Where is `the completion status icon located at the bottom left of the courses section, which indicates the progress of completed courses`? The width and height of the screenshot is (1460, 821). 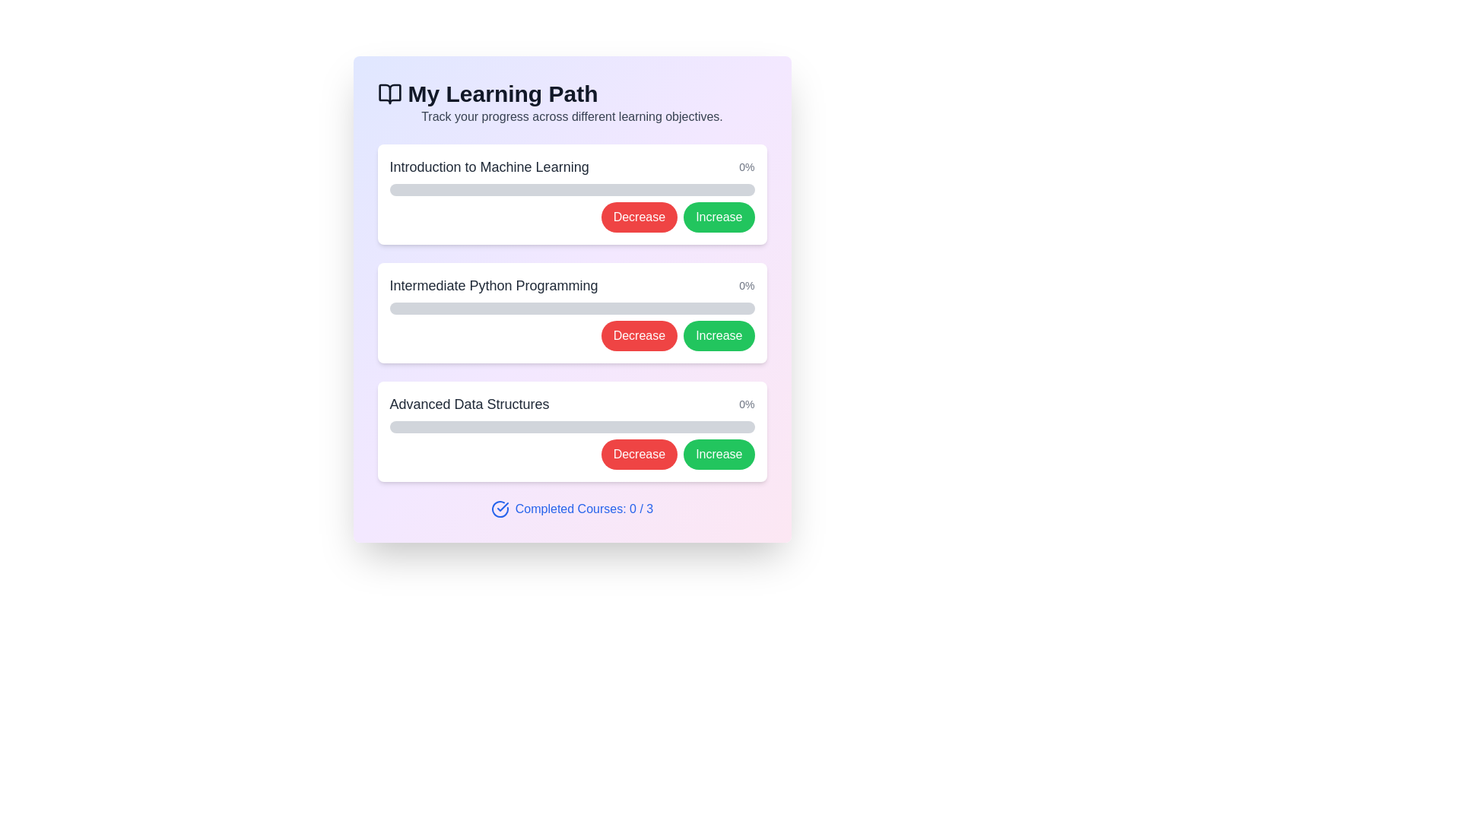
the completion status icon located at the bottom left of the courses section, which indicates the progress of completed courses is located at coordinates (500, 509).